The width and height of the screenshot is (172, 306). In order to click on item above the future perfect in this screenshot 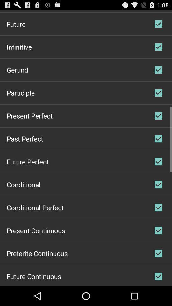, I will do `click(25, 138)`.